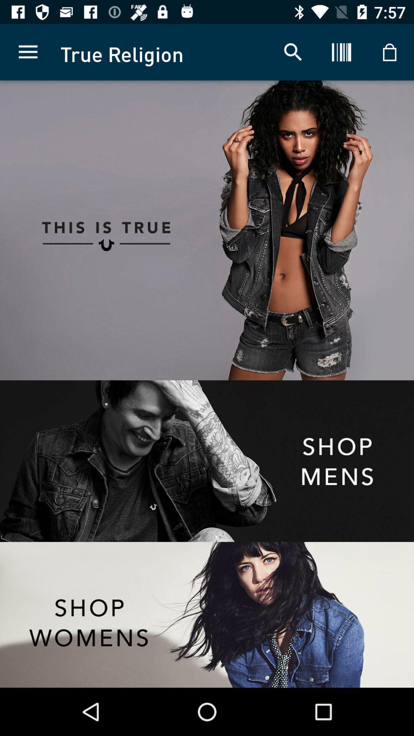 The height and width of the screenshot is (736, 414). I want to click on item next to the true religion icon, so click(28, 52).